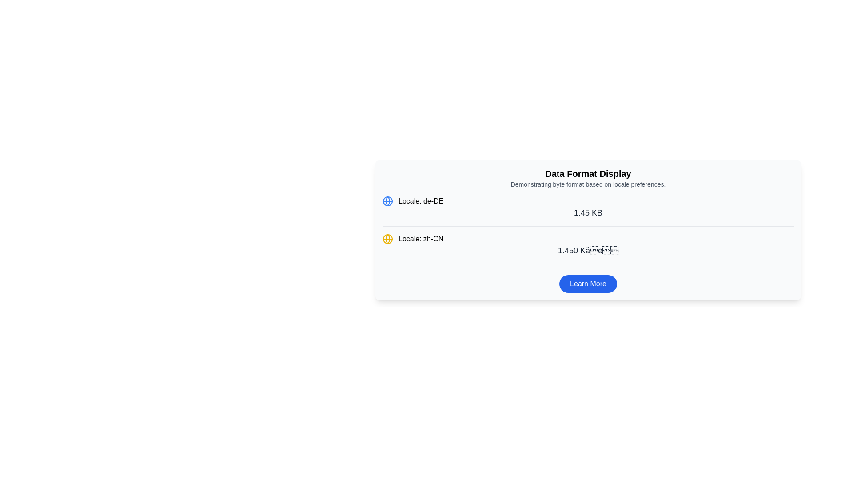  What do you see at coordinates (388, 238) in the screenshot?
I see `the globe-shaped icon, which is the first component in the 'Locale: zh-CN' section, located to the left of the textual label` at bounding box center [388, 238].